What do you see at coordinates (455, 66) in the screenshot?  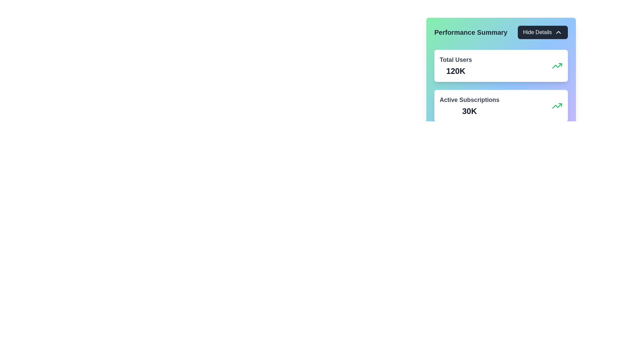 I see `the 'Total Users' text display element which shows the figure '120K' inside a card with a white background, located at the top left of the performance summary dashboard` at bounding box center [455, 66].